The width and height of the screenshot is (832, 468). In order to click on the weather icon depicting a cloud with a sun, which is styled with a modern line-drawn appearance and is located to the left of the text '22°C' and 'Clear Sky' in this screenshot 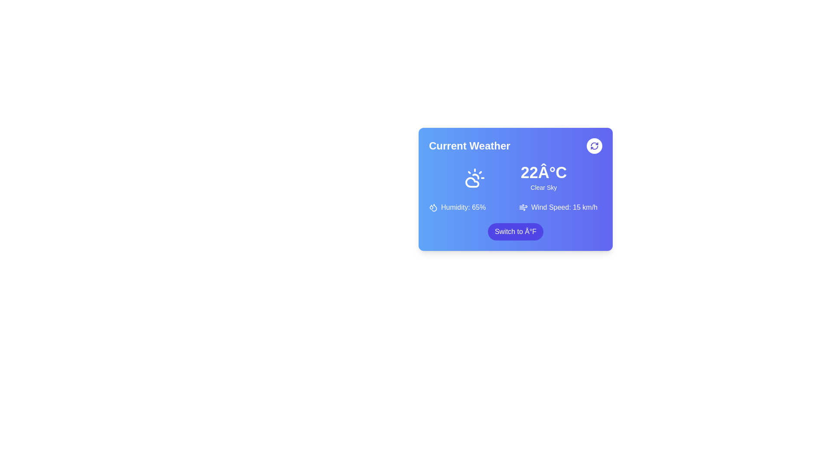, I will do `click(474, 178)`.